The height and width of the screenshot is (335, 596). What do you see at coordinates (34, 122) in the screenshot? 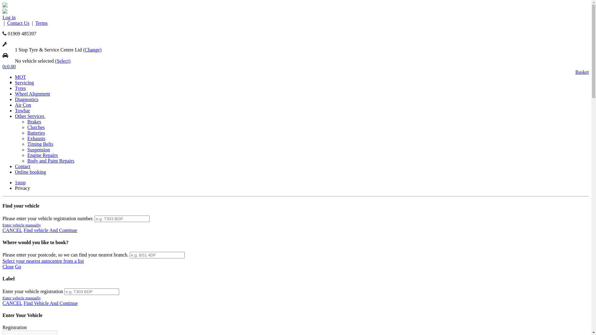
I see `'Brakes'` at bounding box center [34, 122].